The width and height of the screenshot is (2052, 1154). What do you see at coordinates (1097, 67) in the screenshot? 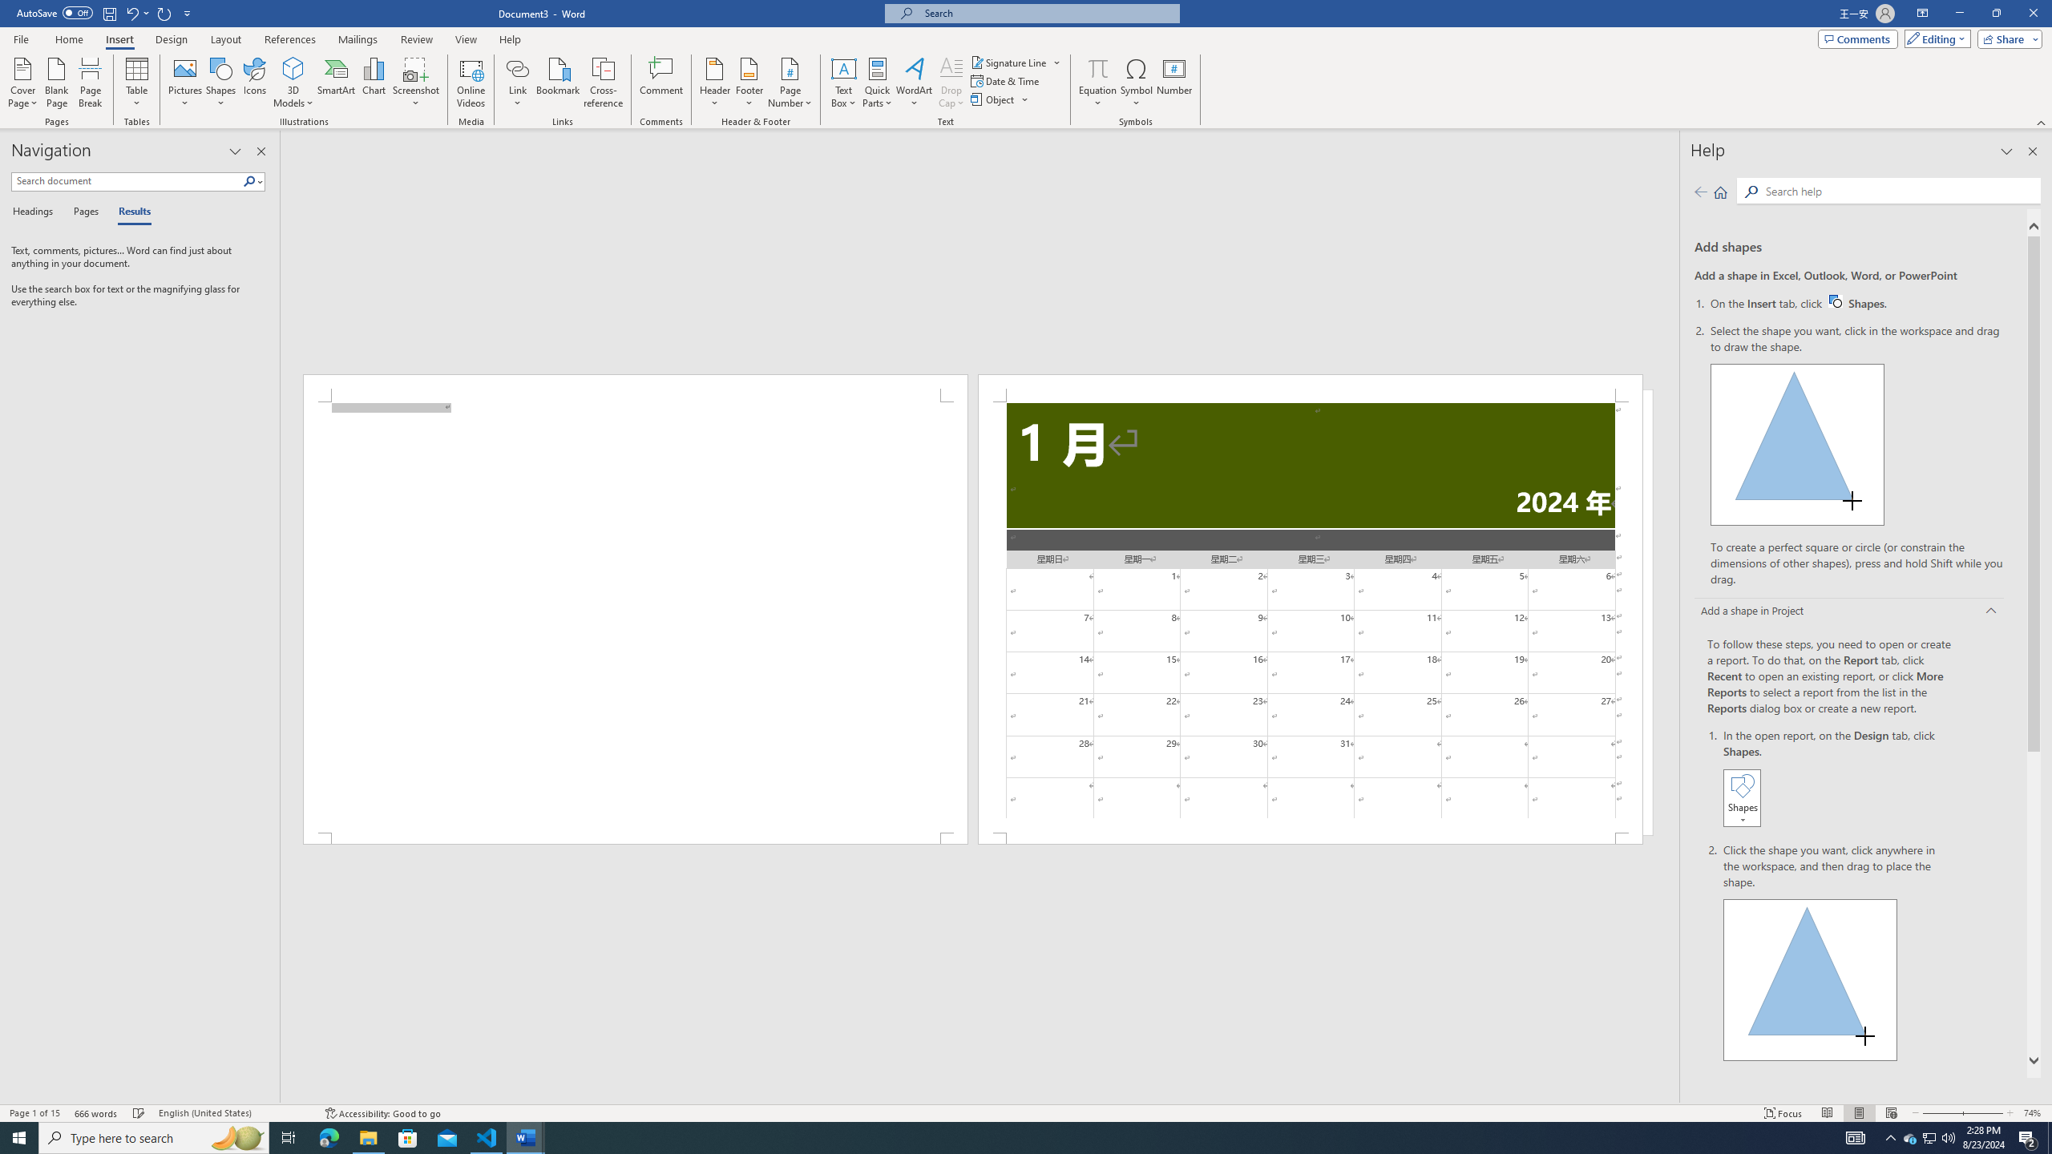
I see `'Equation'` at bounding box center [1097, 67].